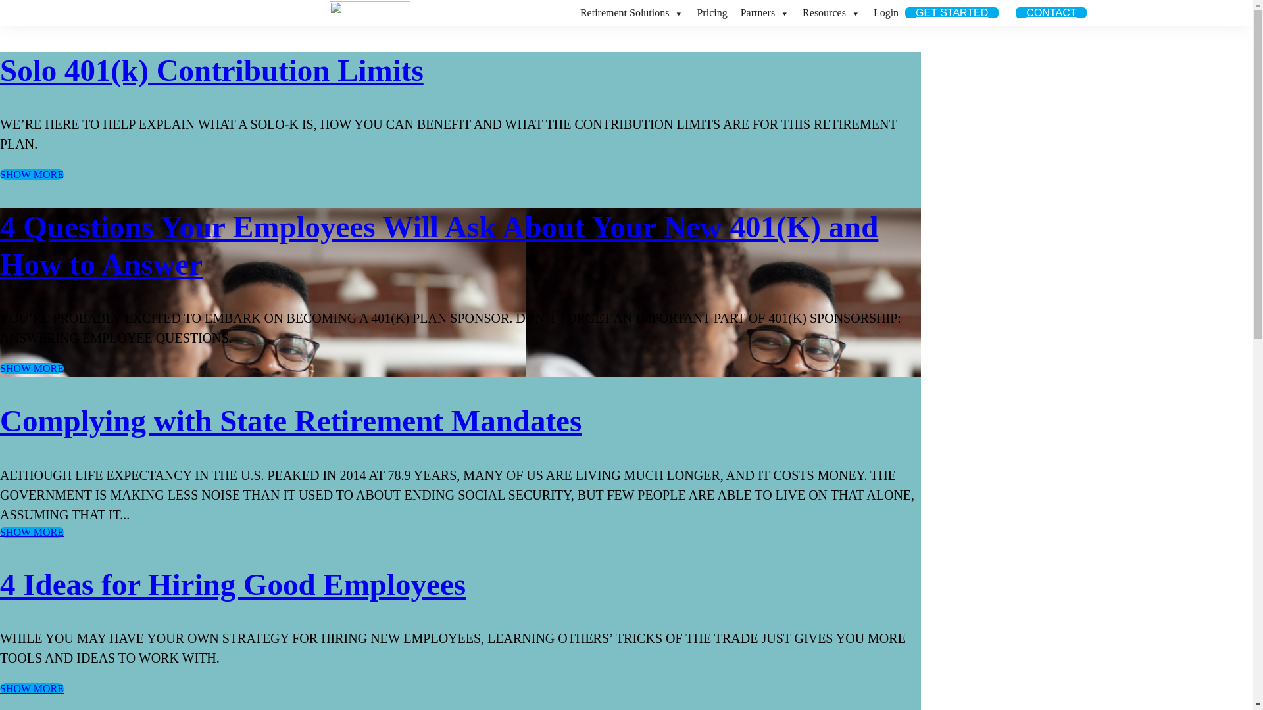 This screenshot has height=710, width=1263. Describe the element at coordinates (631, 12) in the screenshot. I see `'Retirement Solutions'` at that location.